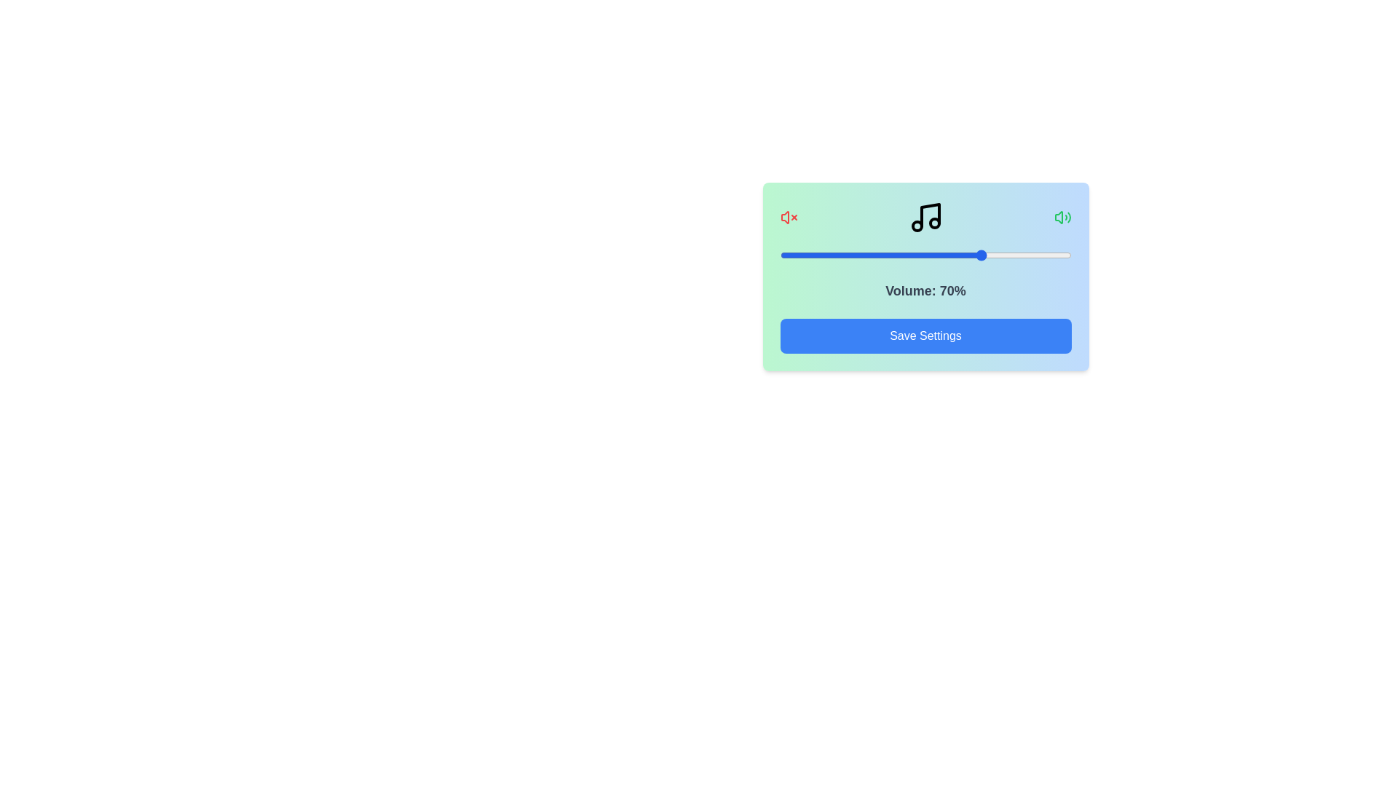  I want to click on the 'Save Settings' button to save the volume level, so click(925, 336).